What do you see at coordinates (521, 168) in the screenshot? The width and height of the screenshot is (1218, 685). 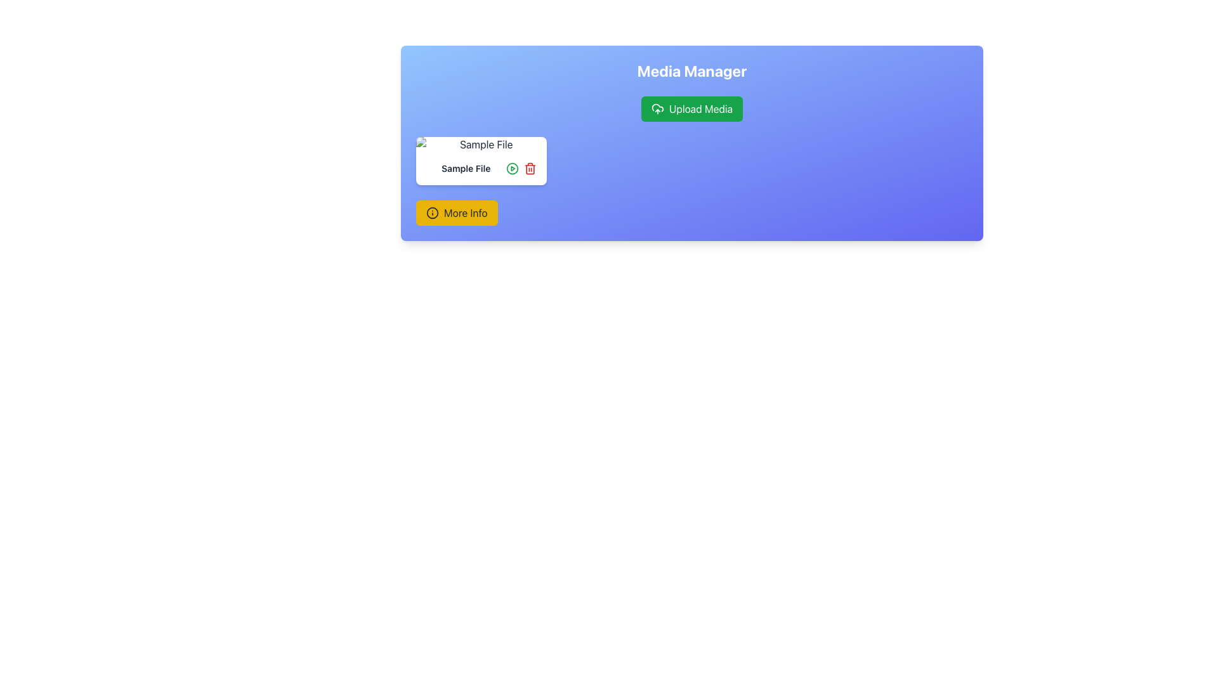 I see `the left green icon in the horizontal group of interactive icons for the file associated with 'Sample File' to play or preview the file` at bounding box center [521, 168].